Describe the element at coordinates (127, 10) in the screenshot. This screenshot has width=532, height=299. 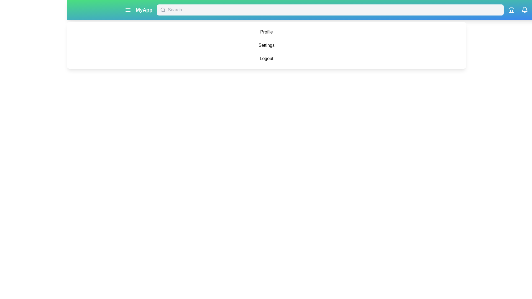
I see `the menu icon button, which is represented by three horizontal lines stacked vertically, located to the left of the 'MyApp' text in the header section` at that location.